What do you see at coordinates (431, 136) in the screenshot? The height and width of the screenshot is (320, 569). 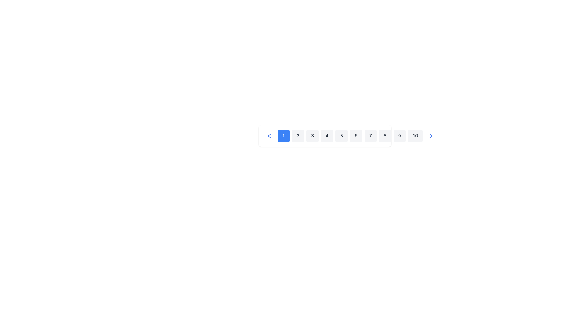 I see `the Chevron icon located at the far right side of the pagination bar, adjacent to the numbered pagination items` at bounding box center [431, 136].